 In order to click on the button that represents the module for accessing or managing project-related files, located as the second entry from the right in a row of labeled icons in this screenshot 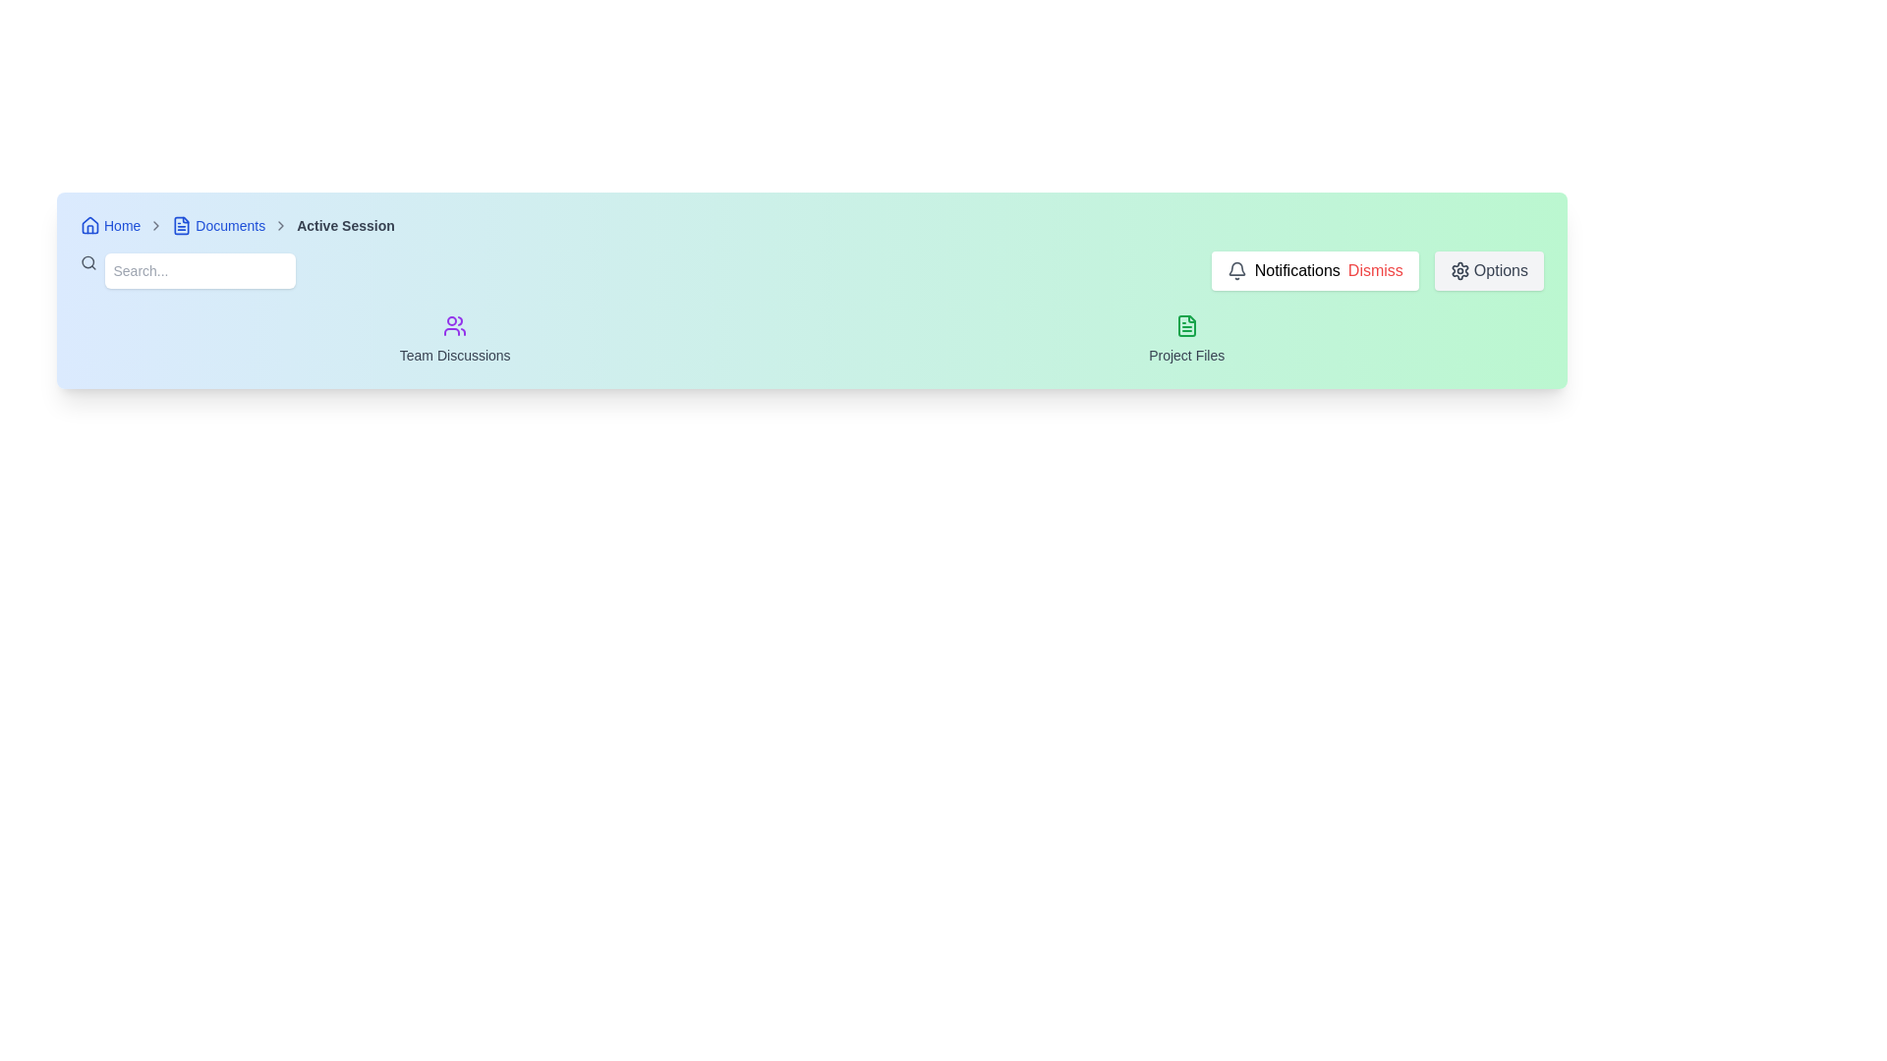, I will do `click(1185, 339)`.